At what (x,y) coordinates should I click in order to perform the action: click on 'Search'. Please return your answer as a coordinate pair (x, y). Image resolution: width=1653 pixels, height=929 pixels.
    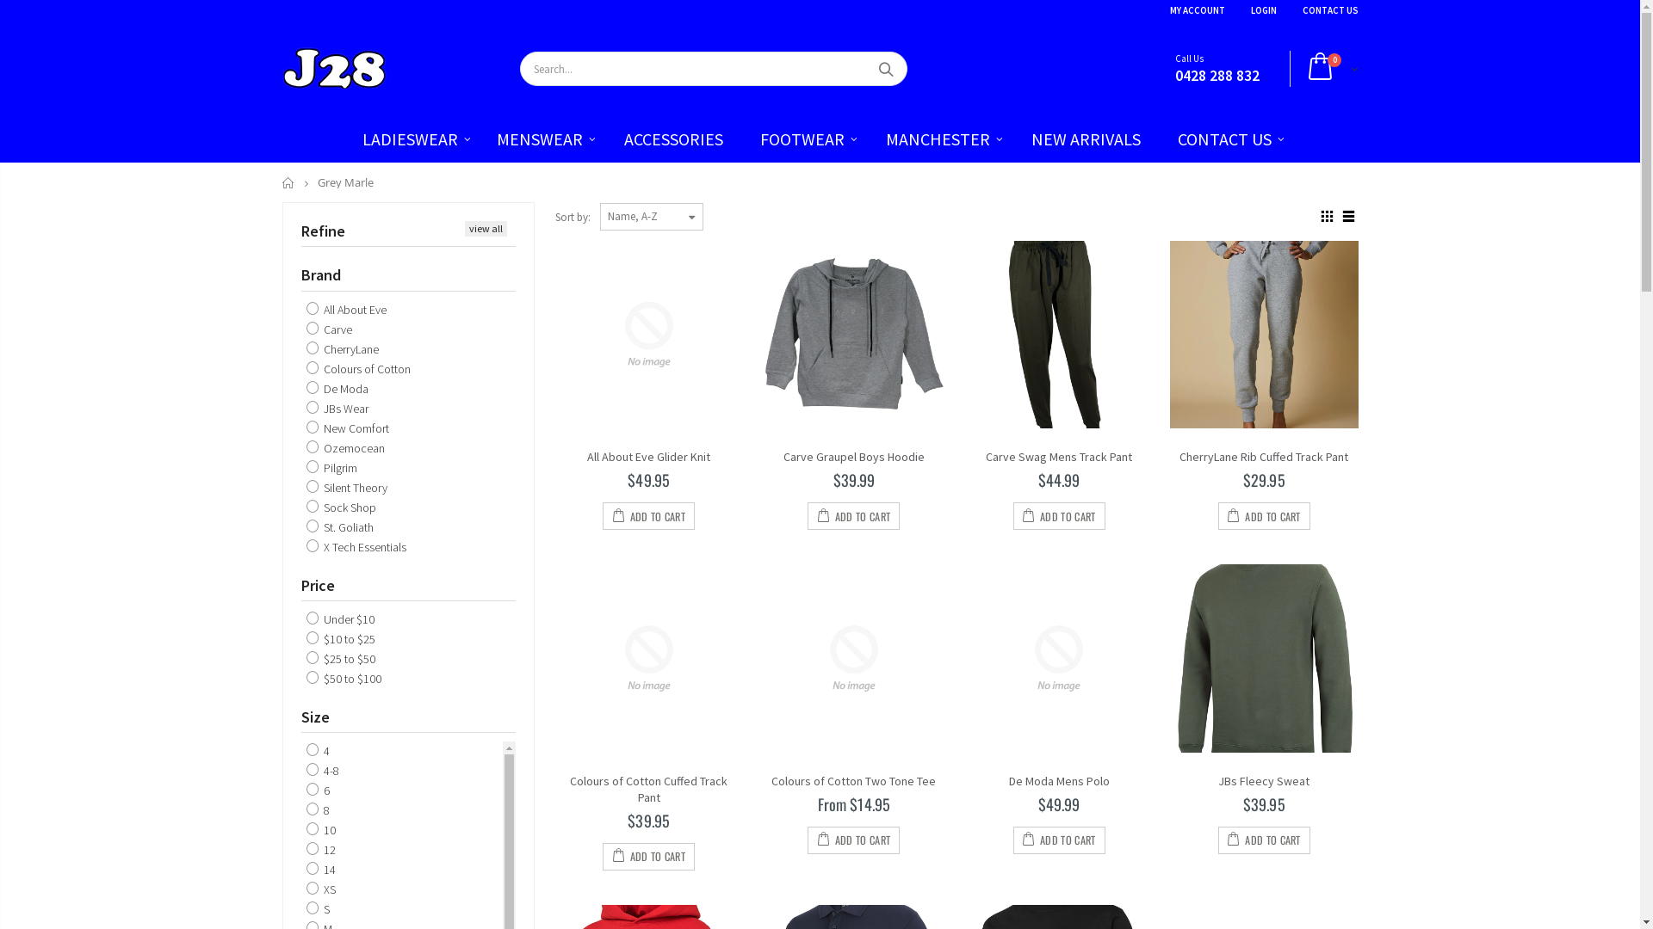
    Looking at the image, I should click on (885, 68).